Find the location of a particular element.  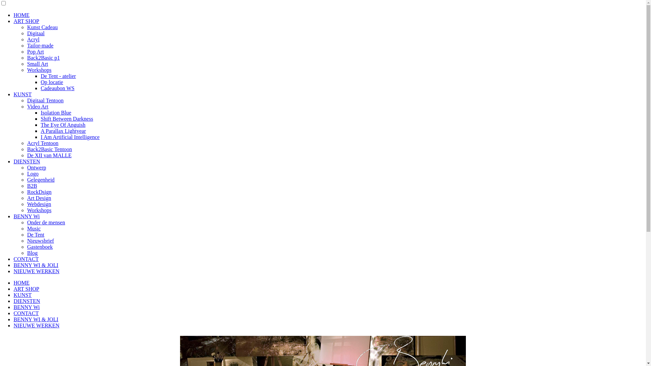

'Digitaal Tentoon' is located at coordinates (45, 100).